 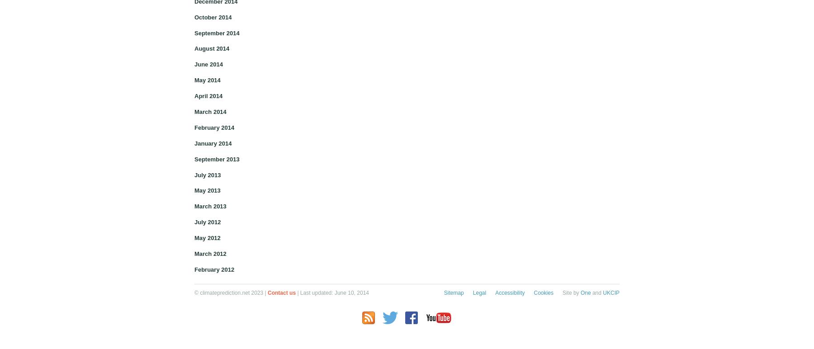 What do you see at coordinates (209, 206) in the screenshot?
I see `'March 2013'` at bounding box center [209, 206].